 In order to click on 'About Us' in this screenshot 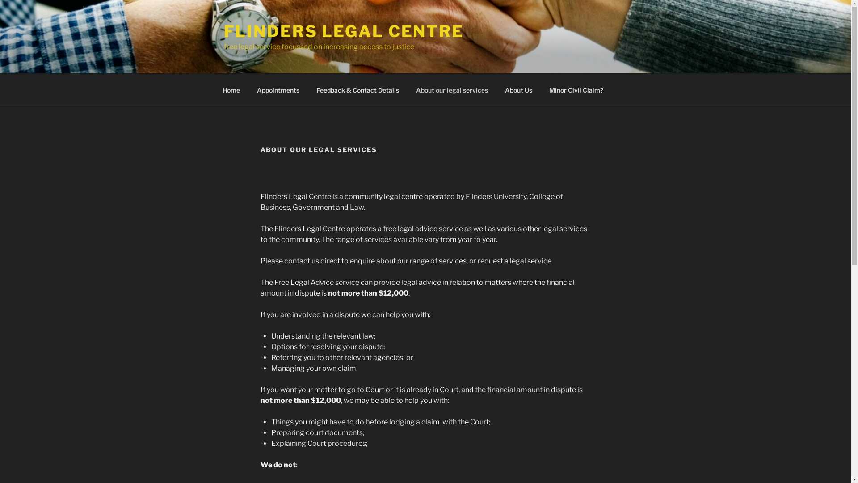, I will do `click(518, 89)`.